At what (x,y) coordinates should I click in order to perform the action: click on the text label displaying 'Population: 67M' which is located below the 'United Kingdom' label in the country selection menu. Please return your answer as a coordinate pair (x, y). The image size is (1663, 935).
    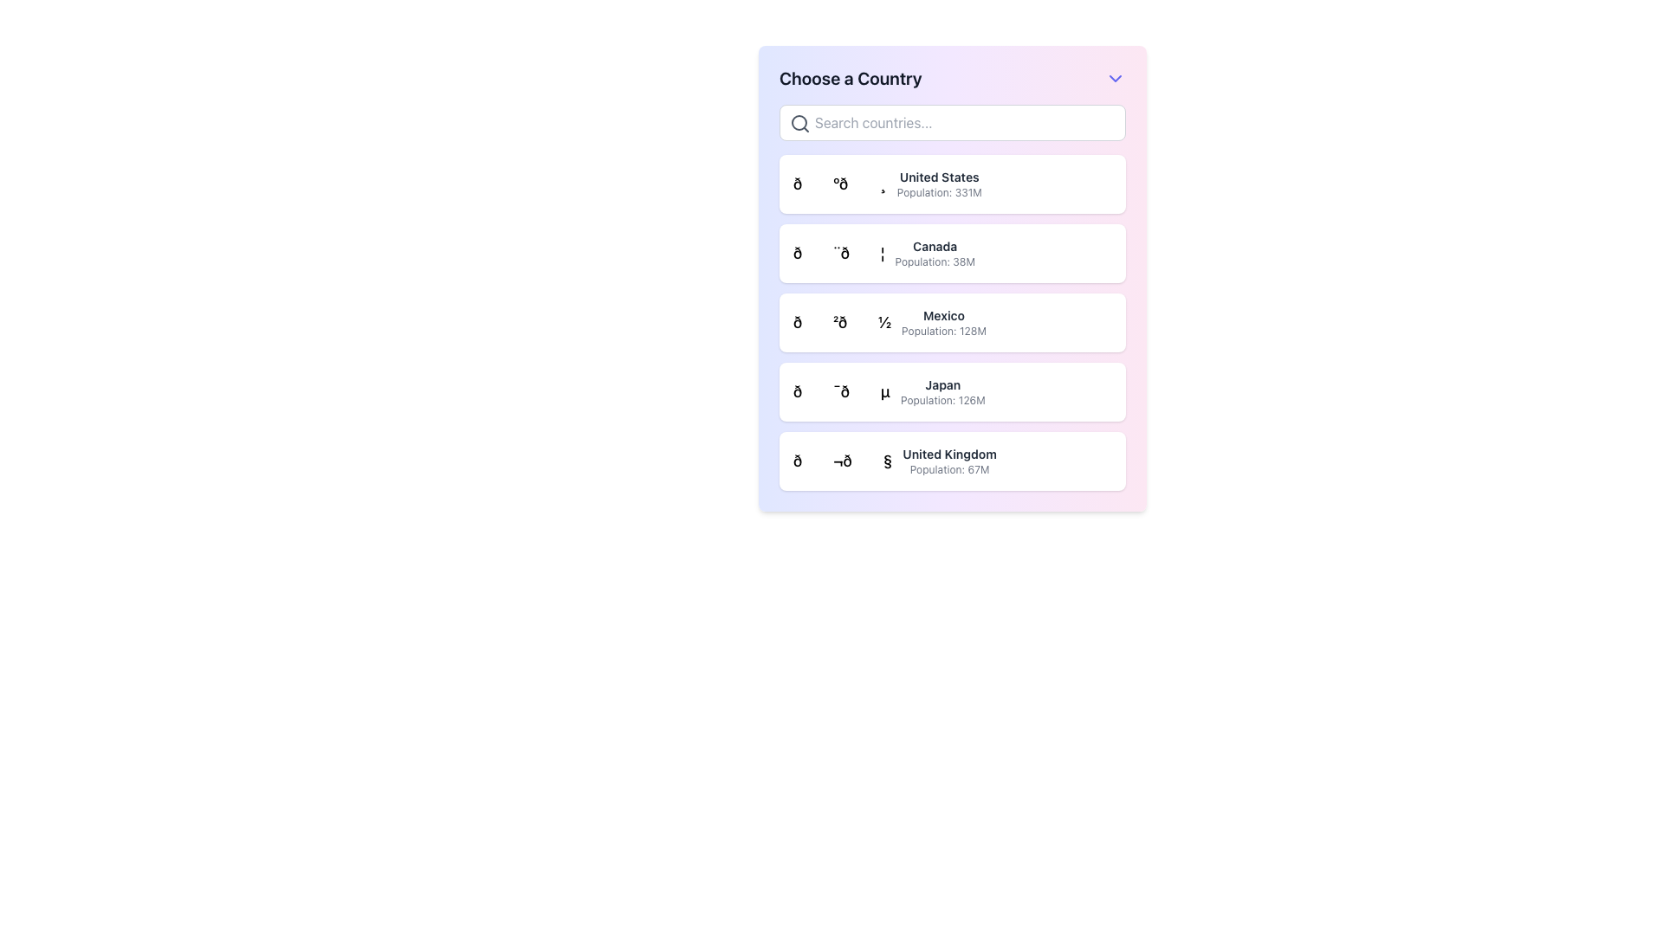
    Looking at the image, I should click on (948, 470).